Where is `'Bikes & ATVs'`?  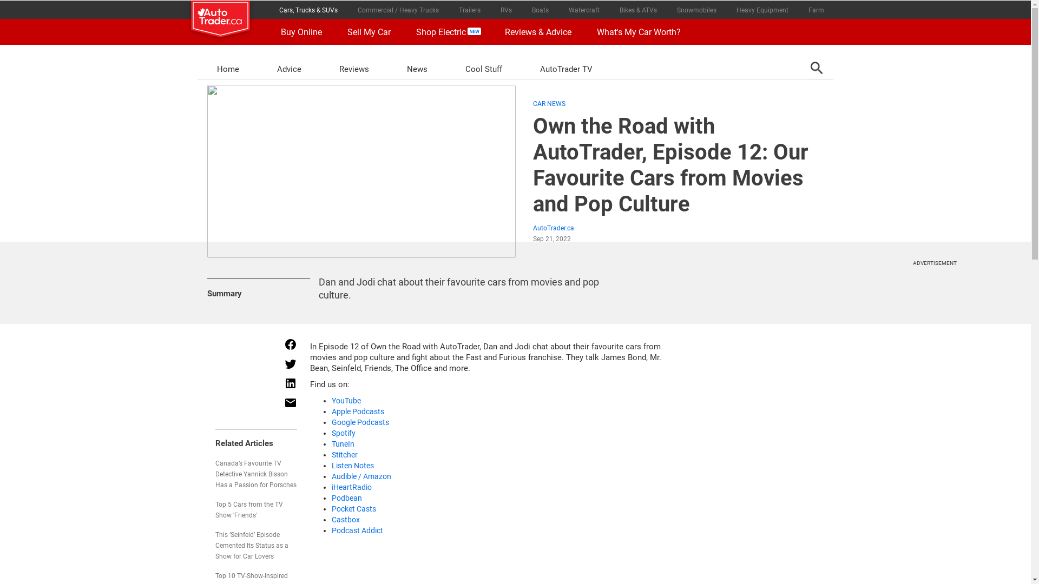
'Bikes & ATVs' is located at coordinates (638, 10).